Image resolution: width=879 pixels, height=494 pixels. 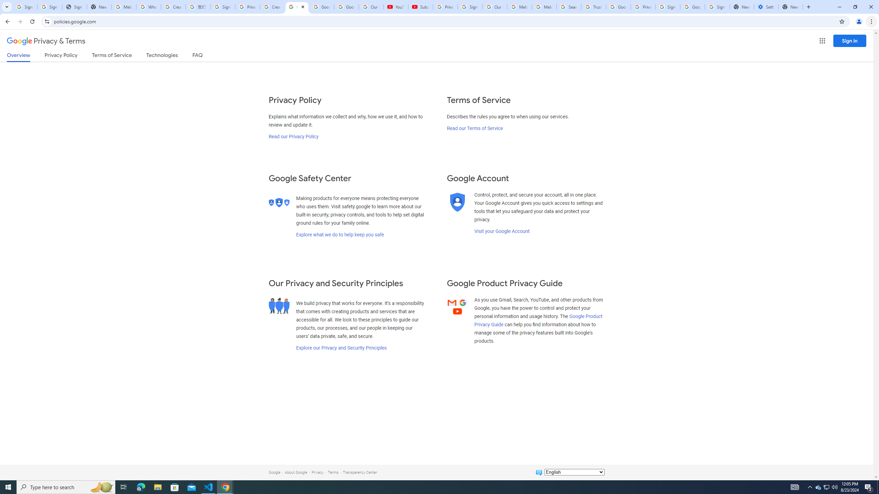 I want to click on 'Transparency Center', so click(x=359, y=472).